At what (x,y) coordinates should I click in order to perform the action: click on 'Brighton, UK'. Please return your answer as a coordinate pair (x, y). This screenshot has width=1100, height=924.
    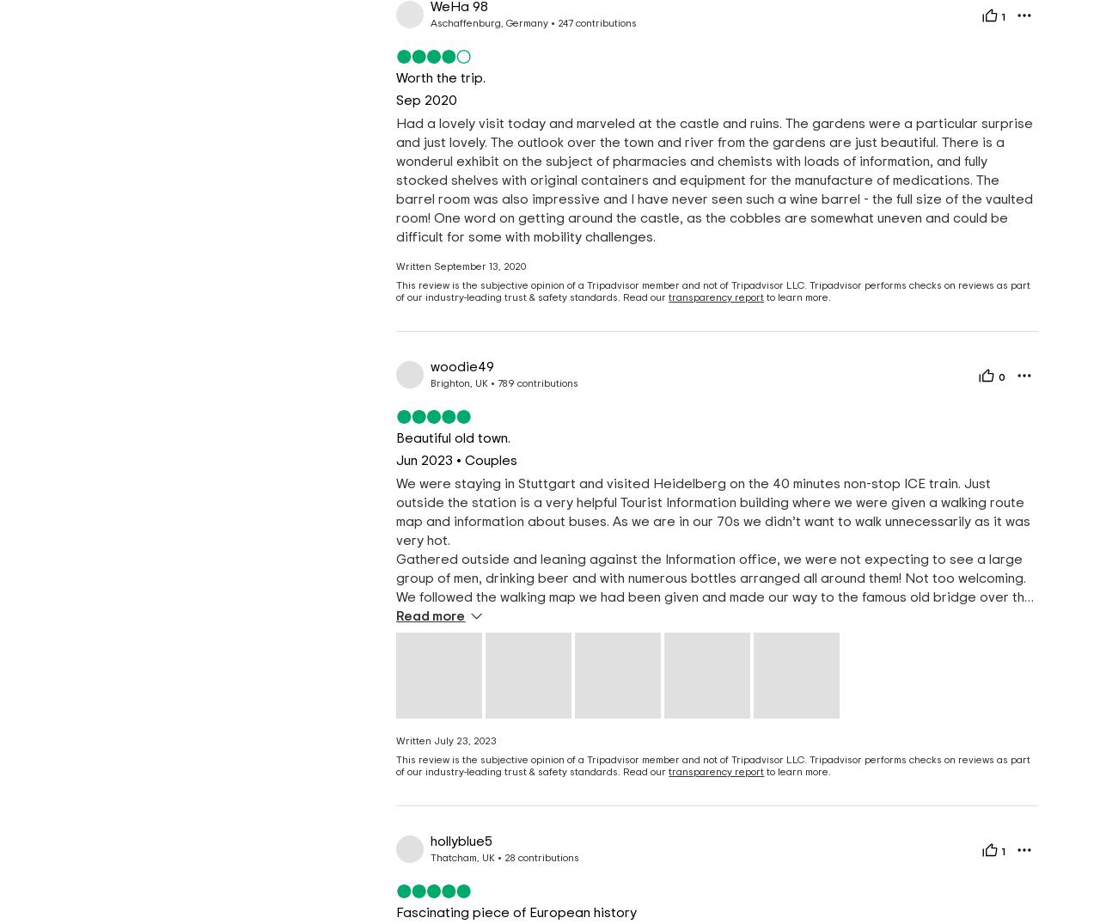
    Looking at the image, I should click on (430, 383).